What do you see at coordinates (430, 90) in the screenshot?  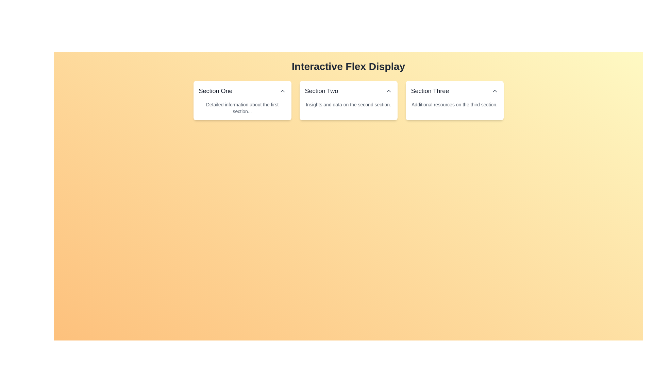 I see `text content of the text label displaying 'Section Three', which is styled with a large font size, medium weight, and dark gray color, located in the upper right part of the card` at bounding box center [430, 90].